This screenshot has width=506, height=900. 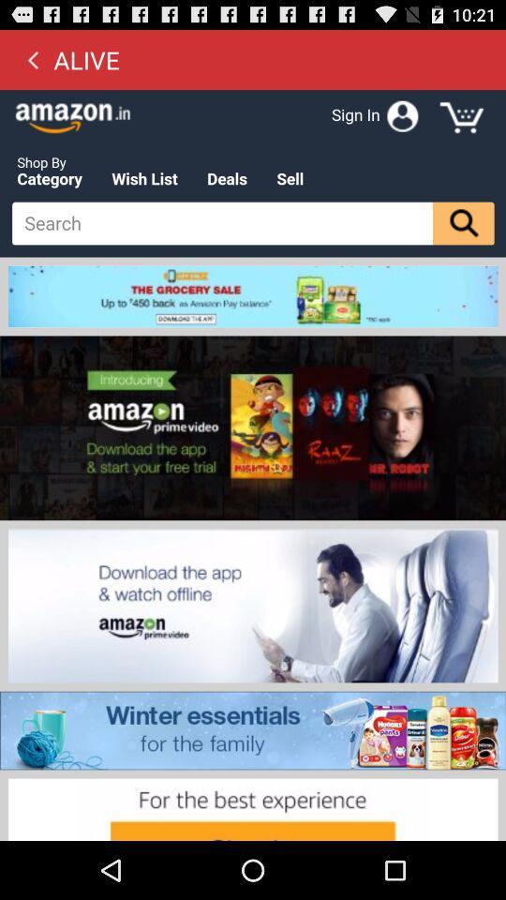 I want to click on go back, so click(x=33, y=59).